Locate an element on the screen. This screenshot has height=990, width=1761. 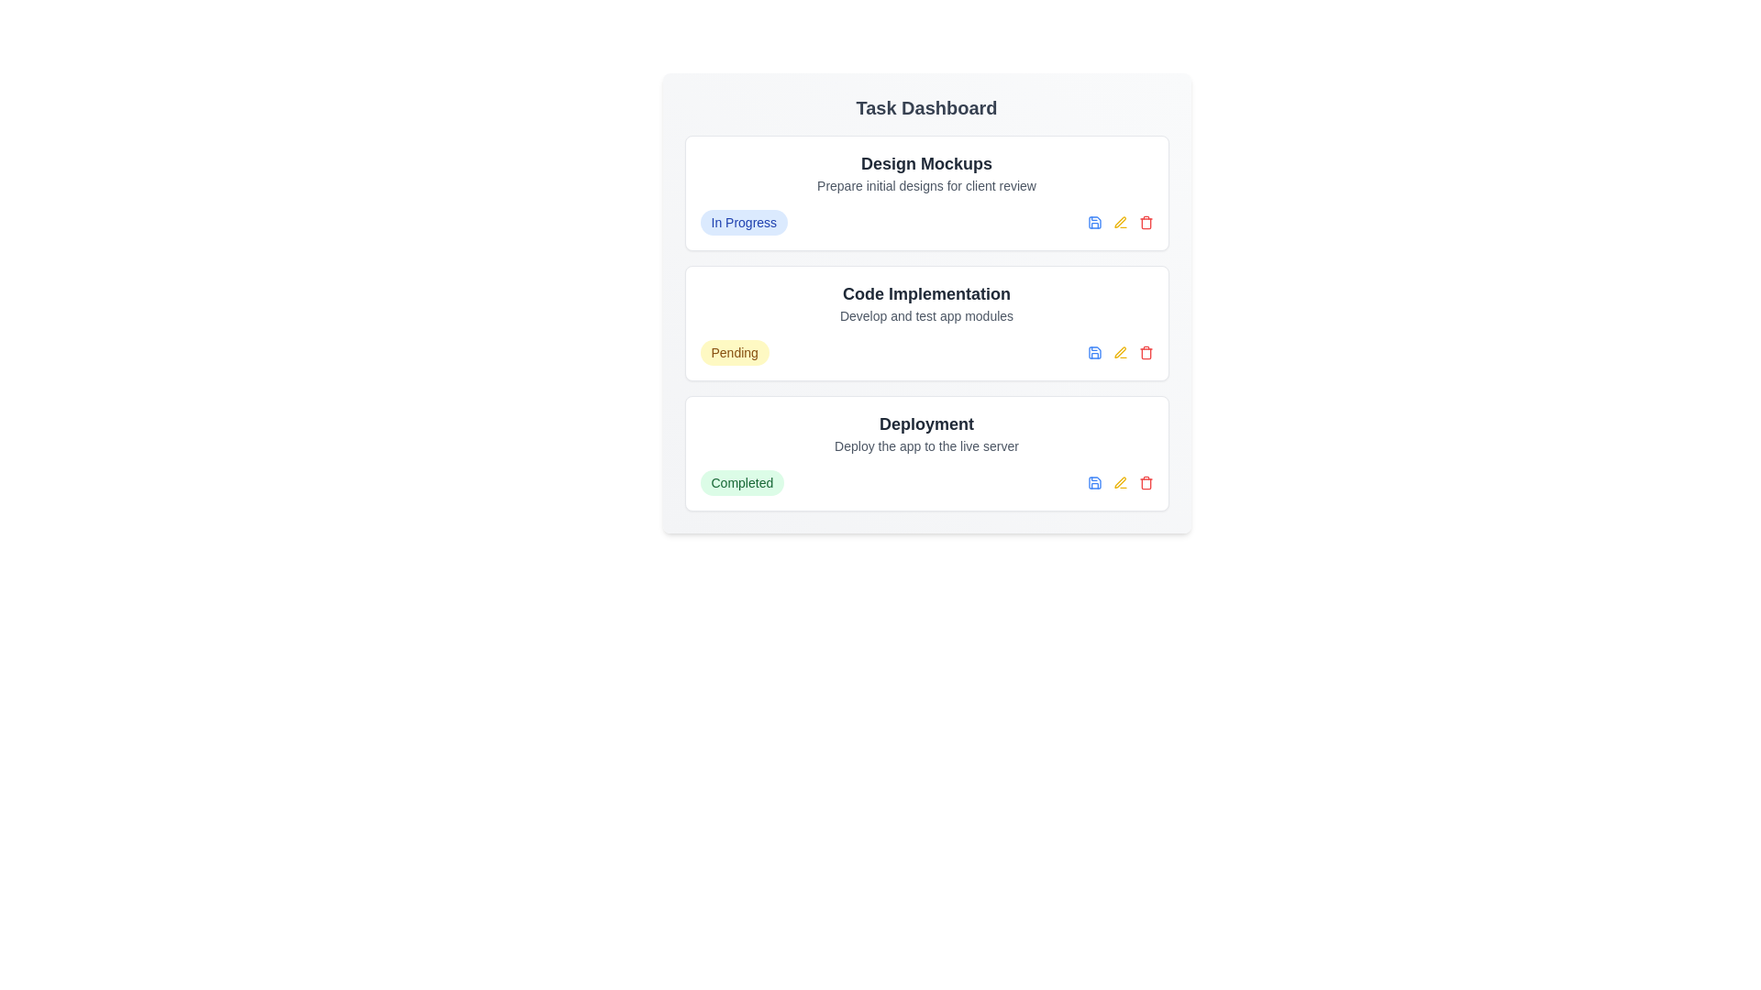
delete button for the task titled 'Design Mockups' is located at coordinates (1145, 222).